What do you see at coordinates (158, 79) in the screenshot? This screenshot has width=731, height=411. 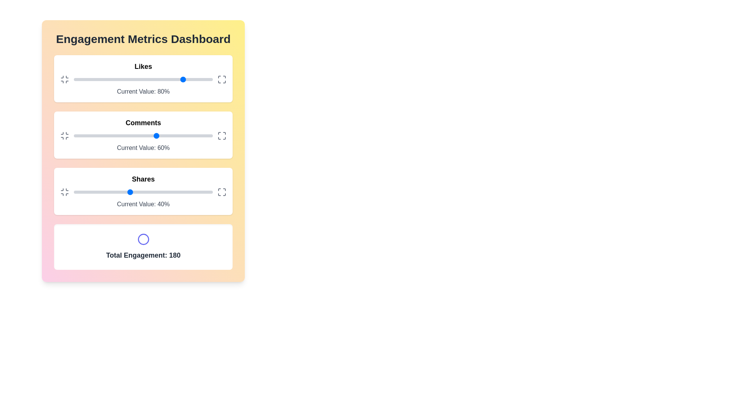 I see `the 'Likes' slider` at bounding box center [158, 79].